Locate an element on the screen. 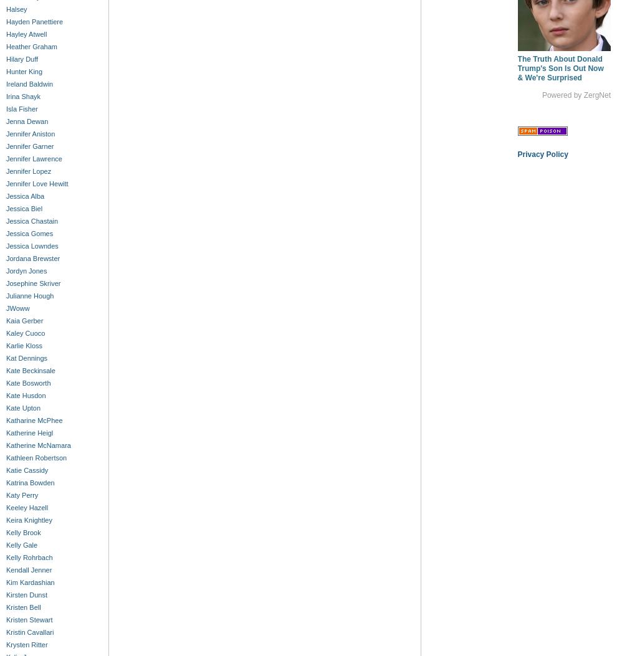 The image size is (617, 656). 'Privacy Policy' is located at coordinates (542, 153).